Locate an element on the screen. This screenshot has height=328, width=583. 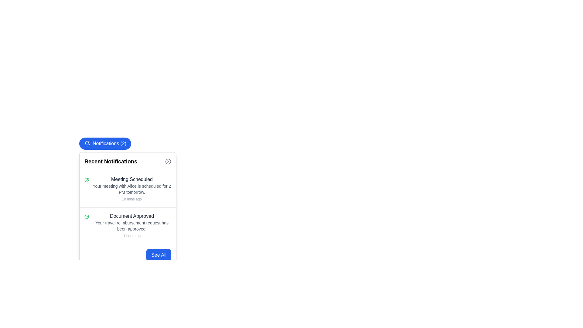
the small, light gray text label reading '10 mins ago', which is located below the meeting details in the notification card labeled 'Meeting Scheduled' is located at coordinates (131, 199).